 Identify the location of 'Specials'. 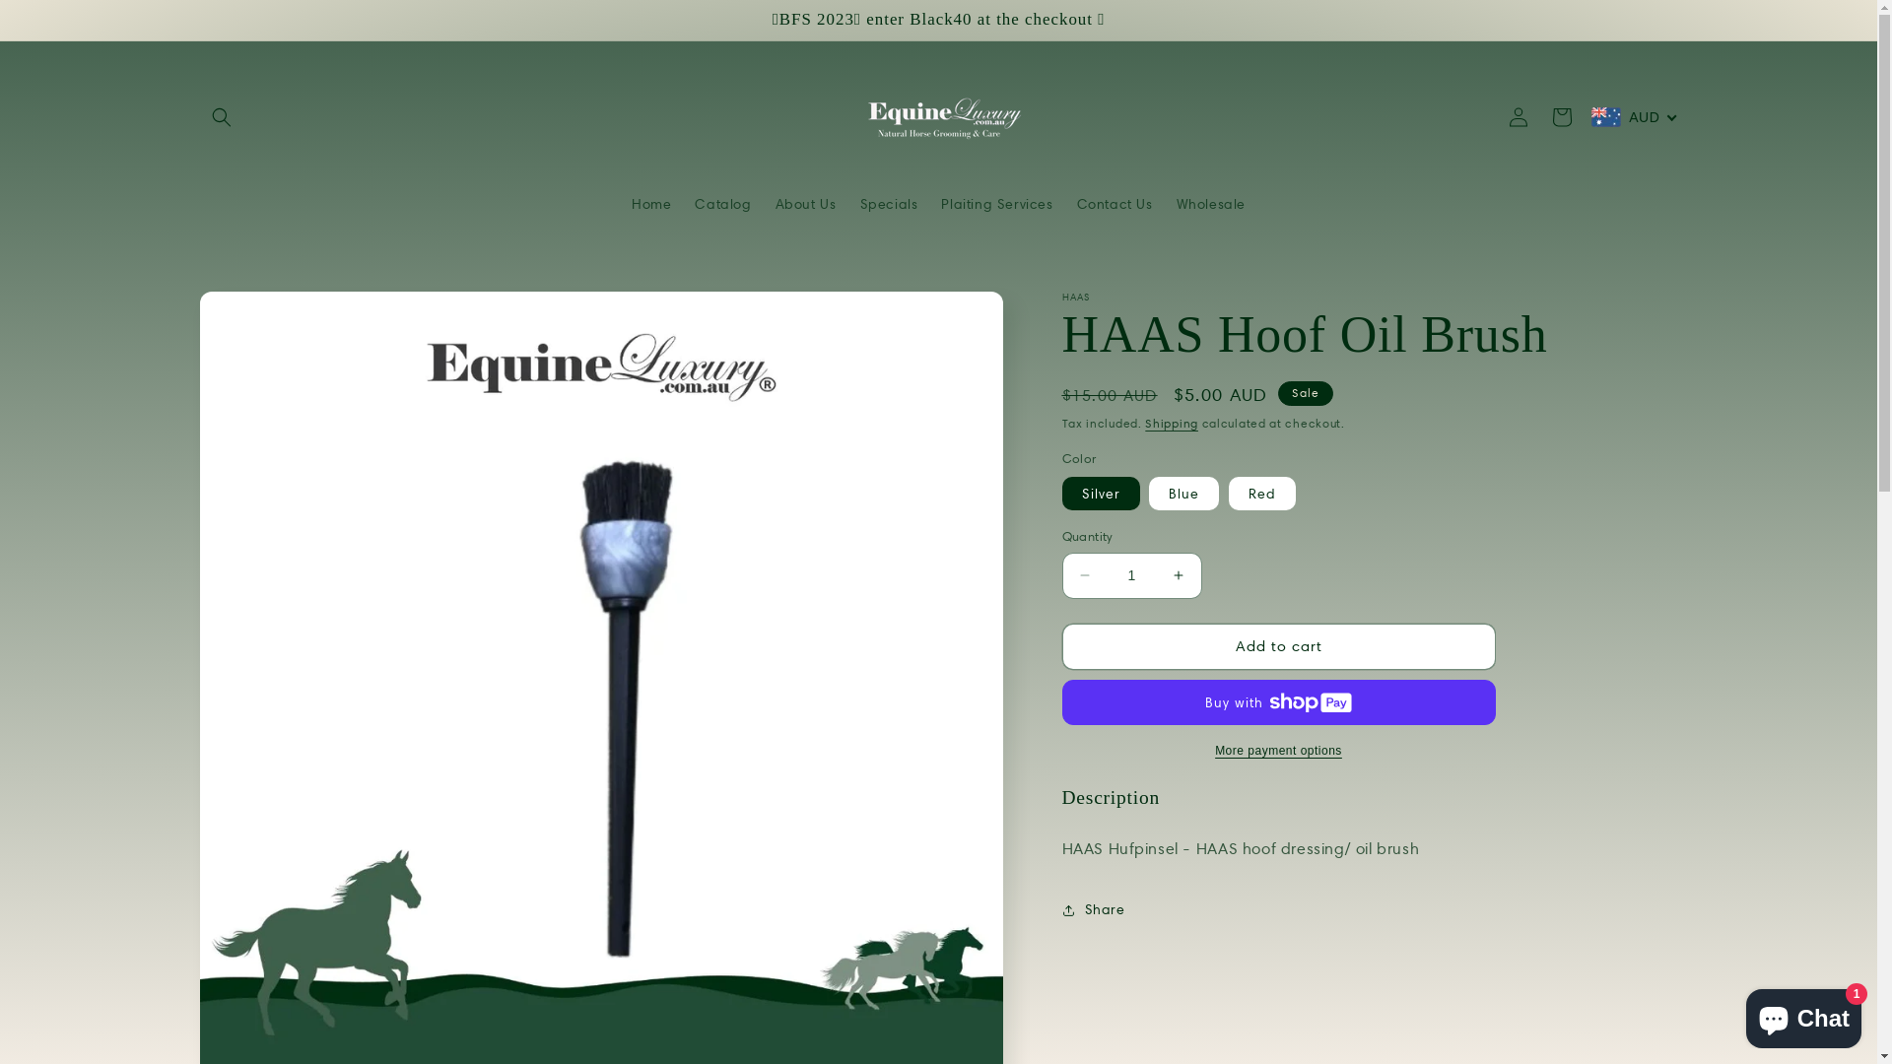
(887, 204).